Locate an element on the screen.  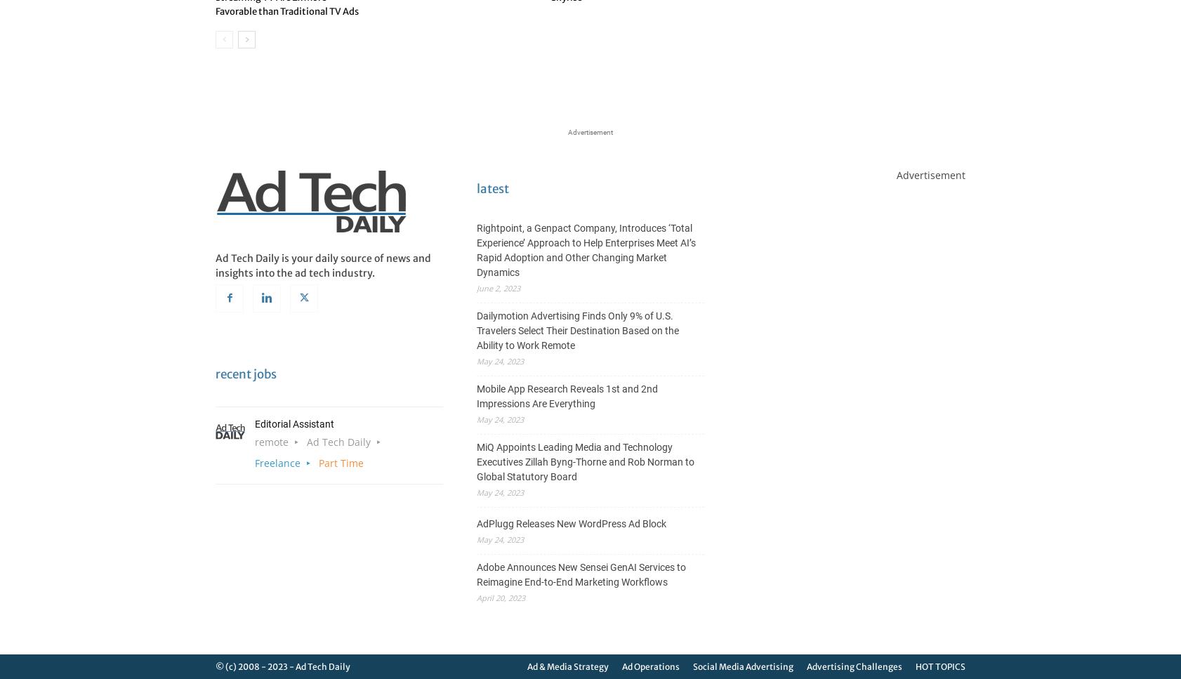
'remote' is located at coordinates (271, 441).